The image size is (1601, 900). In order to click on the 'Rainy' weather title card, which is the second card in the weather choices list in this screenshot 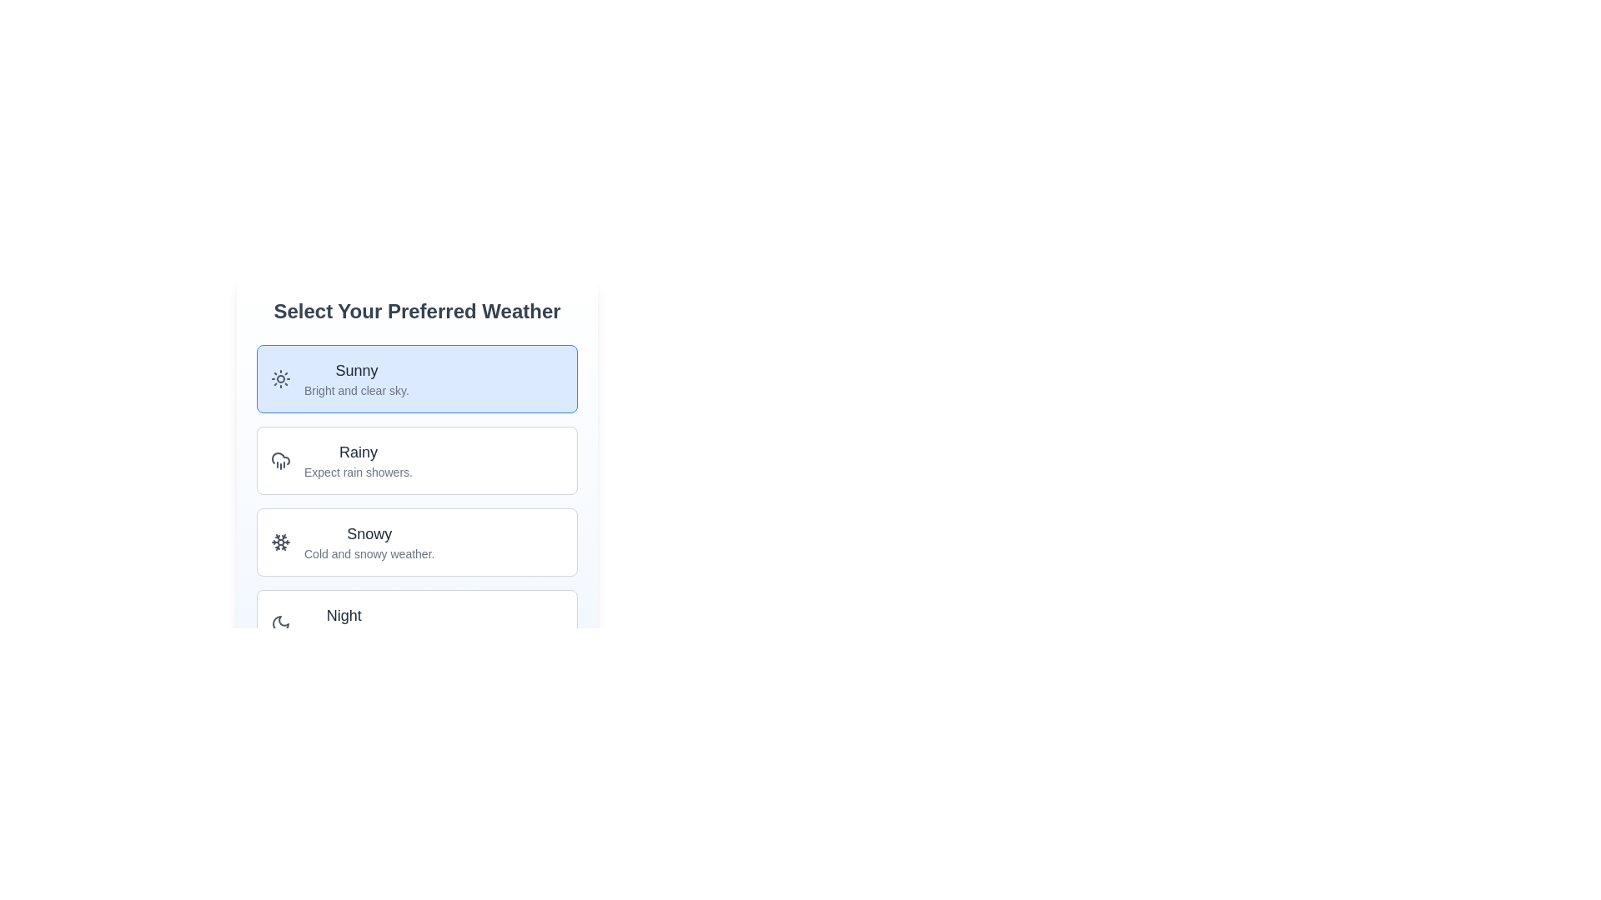, I will do `click(357, 452)`.